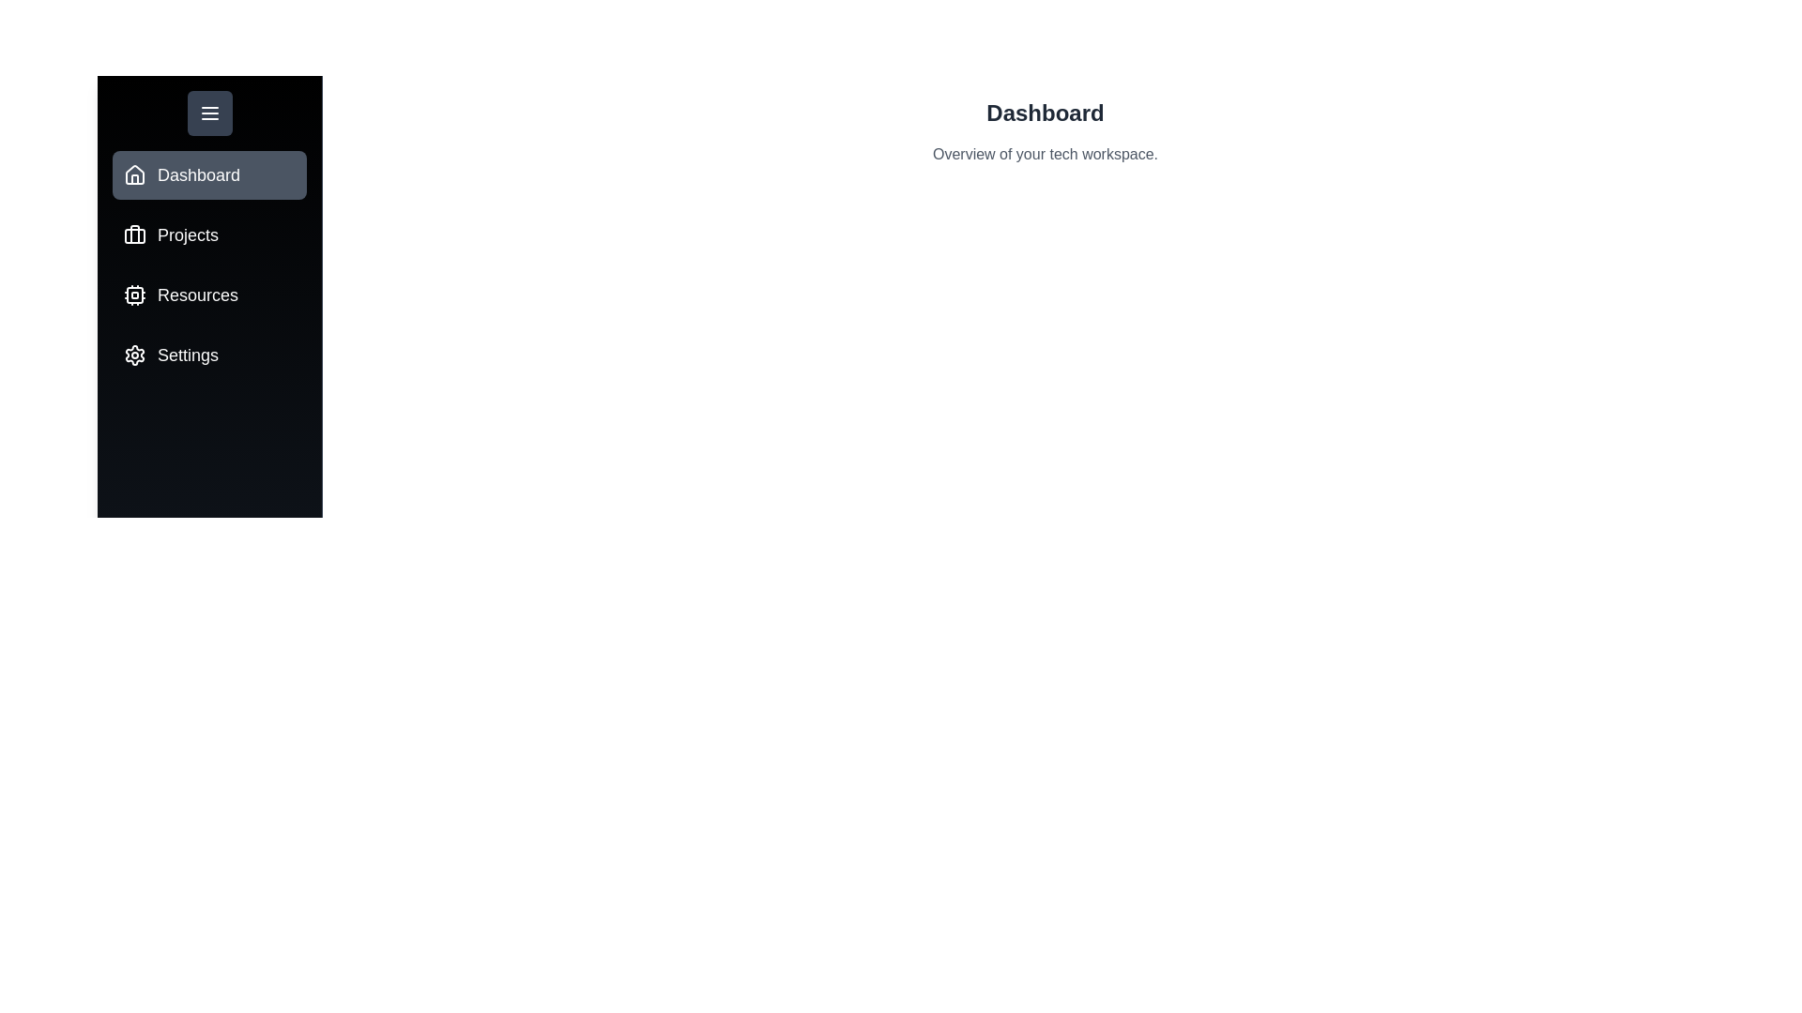 The height and width of the screenshot is (1013, 1802). Describe the element at coordinates (134, 295) in the screenshot. I see `the tab icon for Resources to switch to that tab` at that location.